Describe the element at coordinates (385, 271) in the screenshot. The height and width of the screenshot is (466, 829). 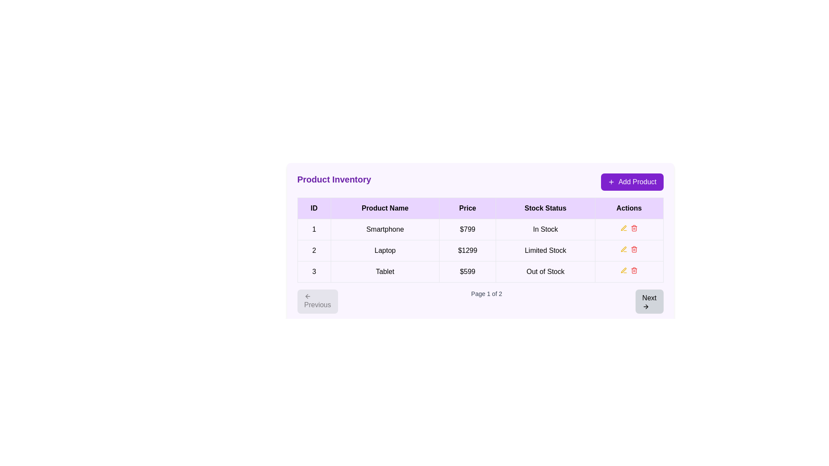
I see `the Text label that displays the product name, positioned between the number '3' and the price '$599' in the product information table` at that location.